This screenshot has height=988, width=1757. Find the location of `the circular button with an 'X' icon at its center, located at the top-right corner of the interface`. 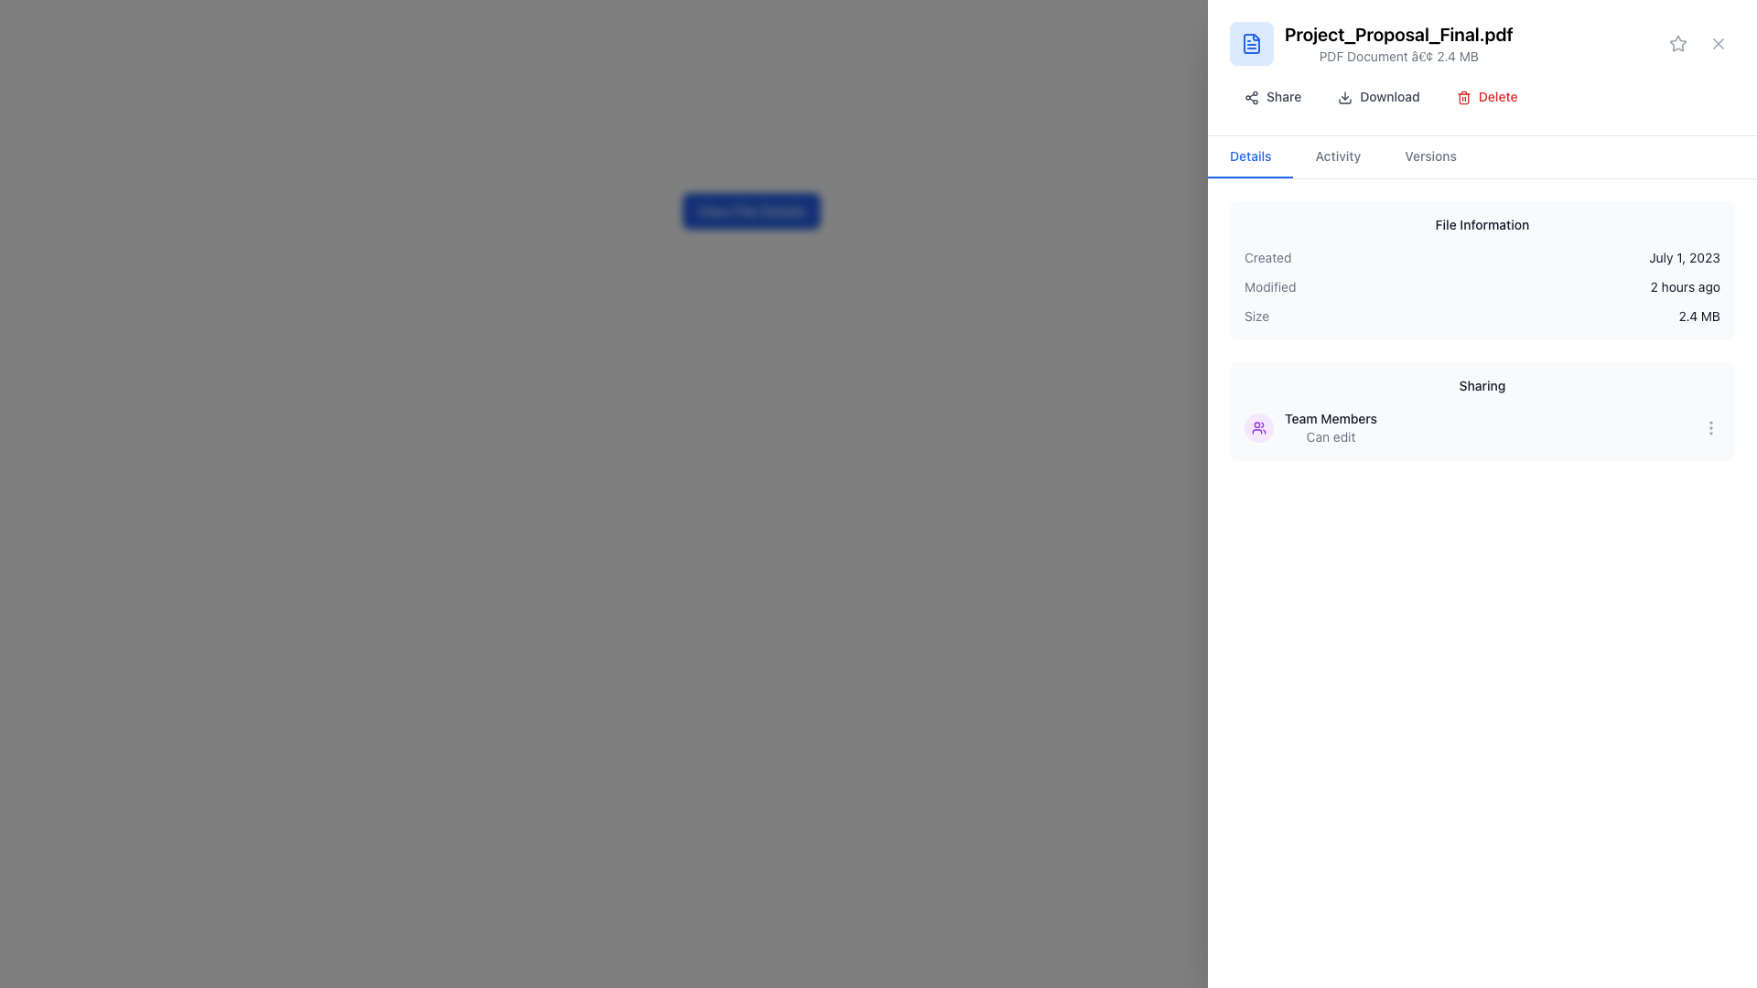

the circular button with an 'X' icon at its center, located at the top-right corner of the interface is located at coordinates (1717, 42).